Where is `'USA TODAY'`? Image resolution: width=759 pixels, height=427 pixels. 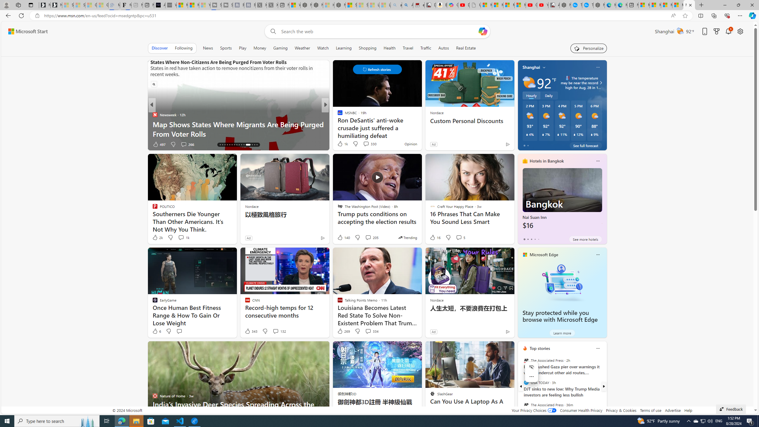 'USA TODAY' is located at coordinates (526, 383).